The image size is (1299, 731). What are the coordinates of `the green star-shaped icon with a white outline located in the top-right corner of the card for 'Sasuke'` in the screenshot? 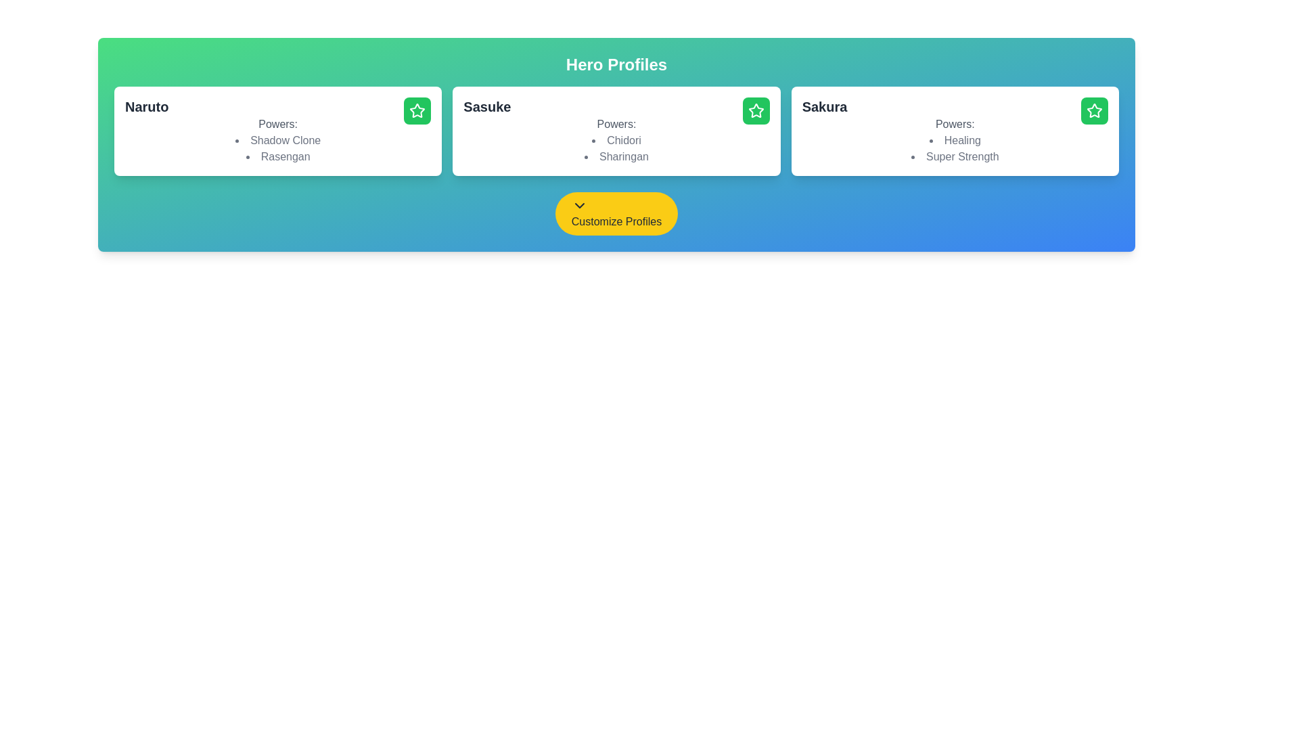 It's located at (755, 110).